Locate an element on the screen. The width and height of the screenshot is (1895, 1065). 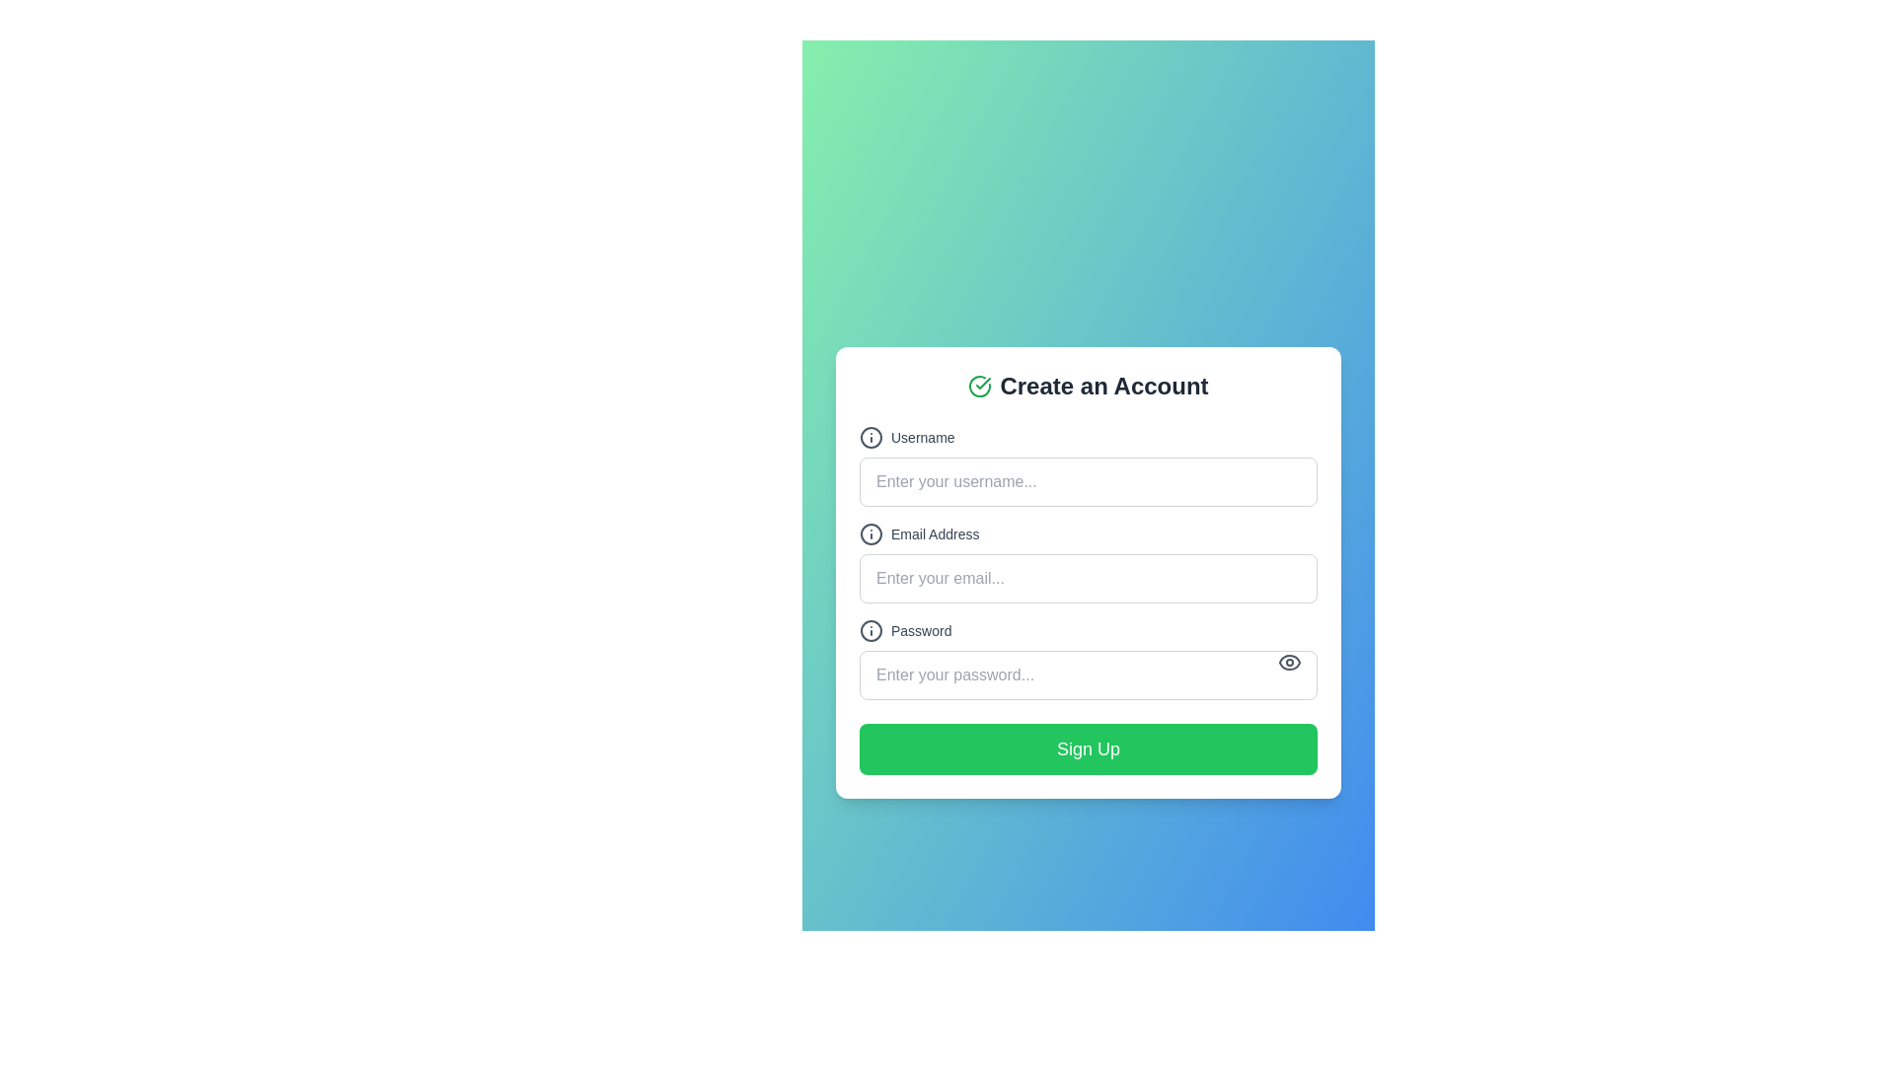
the third text label in the registration form, which provides context for the password input field, positioned to the right of an information icon is located at coordinates (920, 631).